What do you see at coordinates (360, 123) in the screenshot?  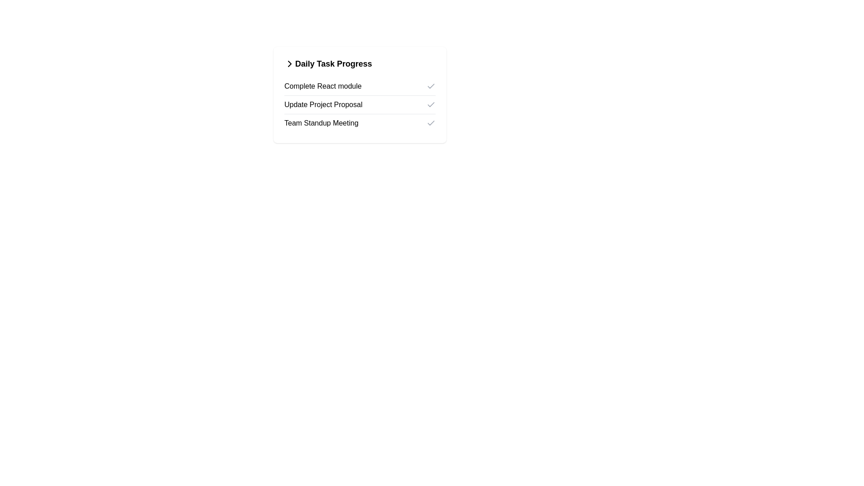 I see `the task item labeled 'Team Standup Meeting'` at bounding box center [360, 123].